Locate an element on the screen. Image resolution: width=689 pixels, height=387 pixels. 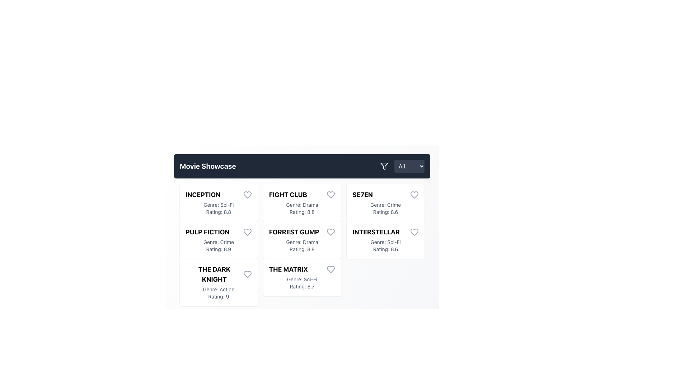
text content of the movie title displayed in the text label for 'SE7EN', which is located in the fourth column of the grid layout is located at coordinates (362, 195).